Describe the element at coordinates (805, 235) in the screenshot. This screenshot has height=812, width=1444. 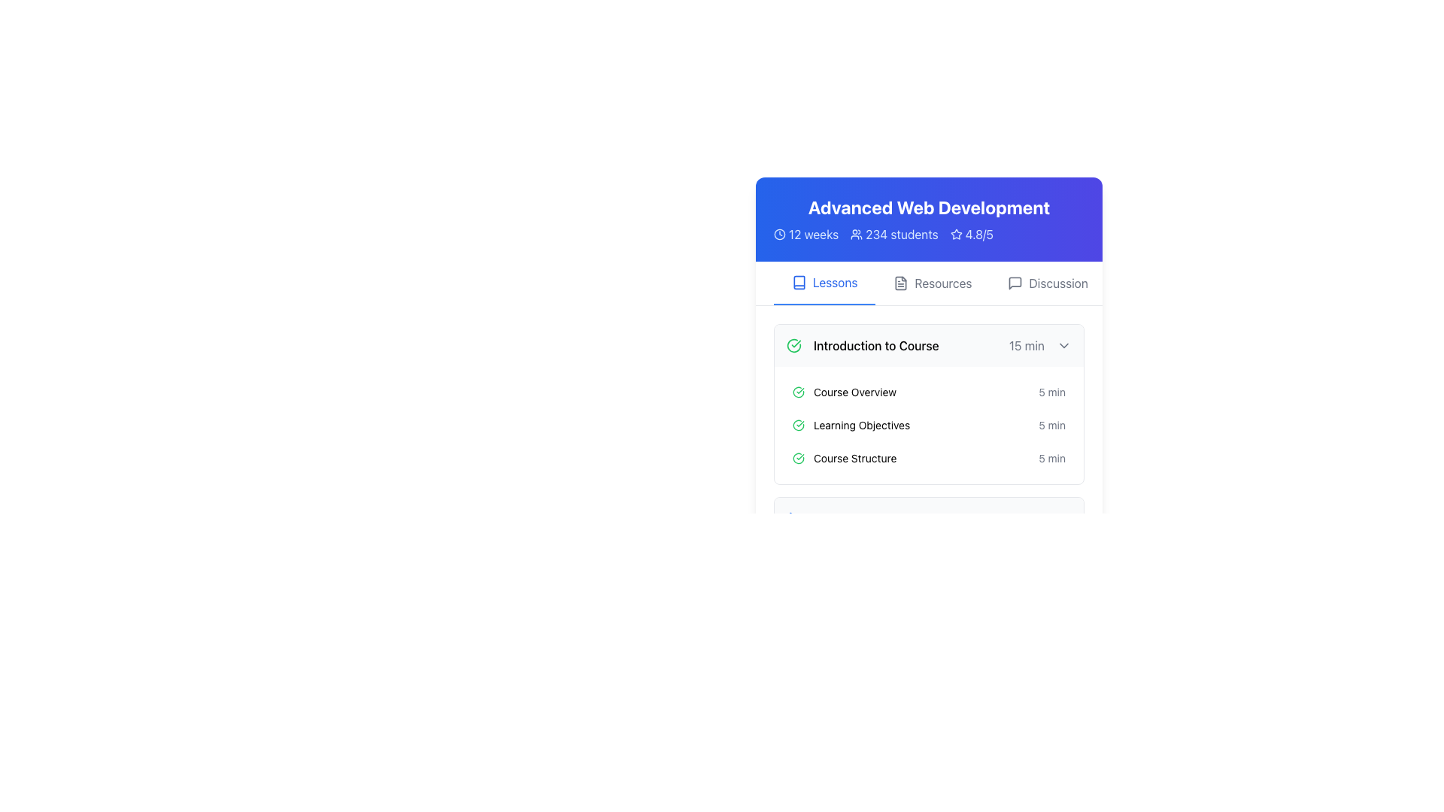
I see `the clock icon associated with the '12 weeks' text label, which is positioned at the top left of the card displaying 'Advanced Web Development'` at that location.